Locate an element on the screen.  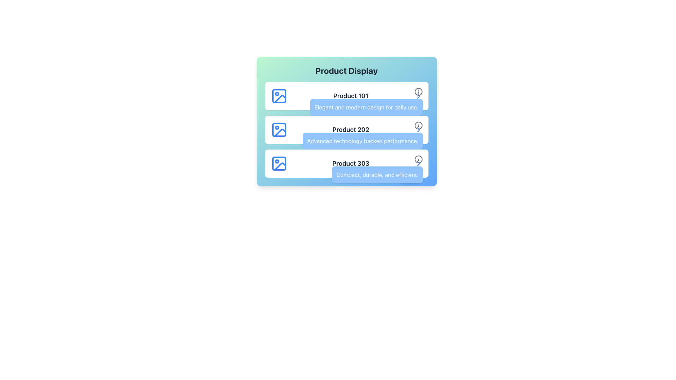
the arrow-shaped chevron icon in the product information panel for 'Product 303' is located at coordinates (418, 164).